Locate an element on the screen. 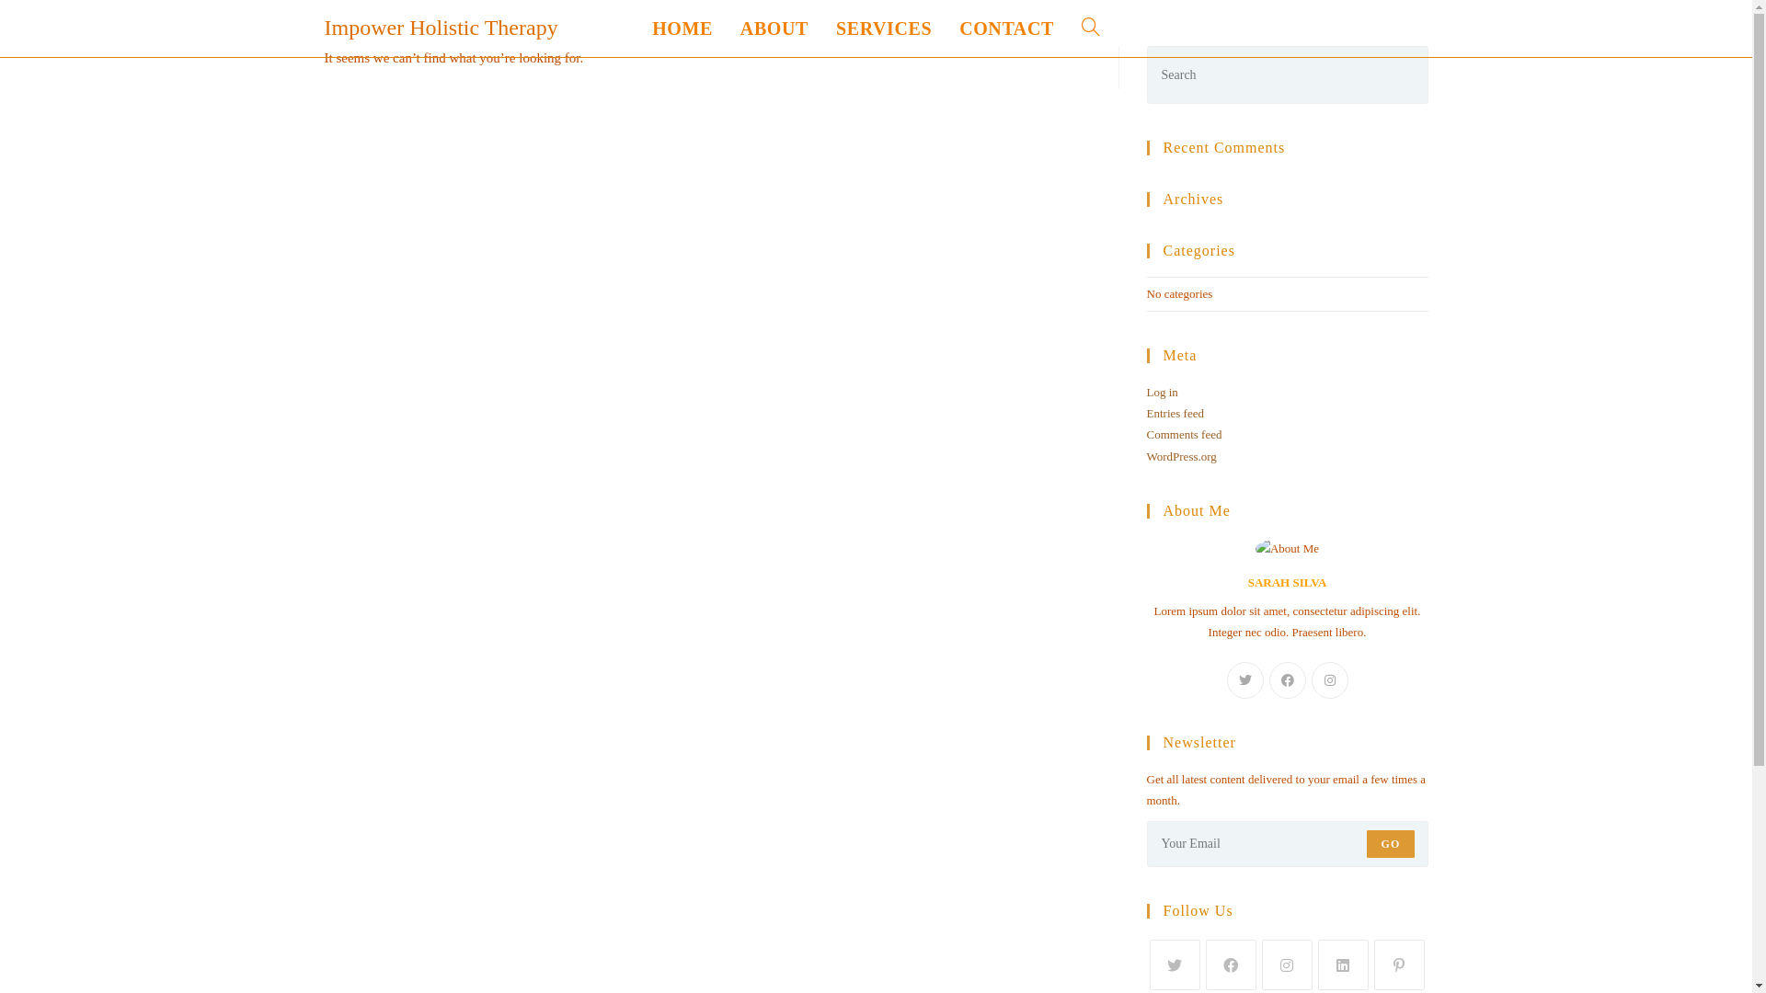 The image size is (1766, 993). 'Impower Holistic Therapy' is located at coordinates (440, 28).